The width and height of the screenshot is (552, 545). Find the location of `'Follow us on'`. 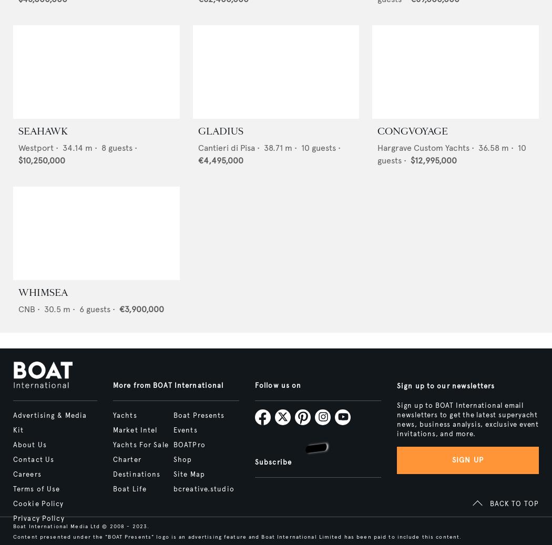

'Follow us on' is located at coordinates (254, 385).